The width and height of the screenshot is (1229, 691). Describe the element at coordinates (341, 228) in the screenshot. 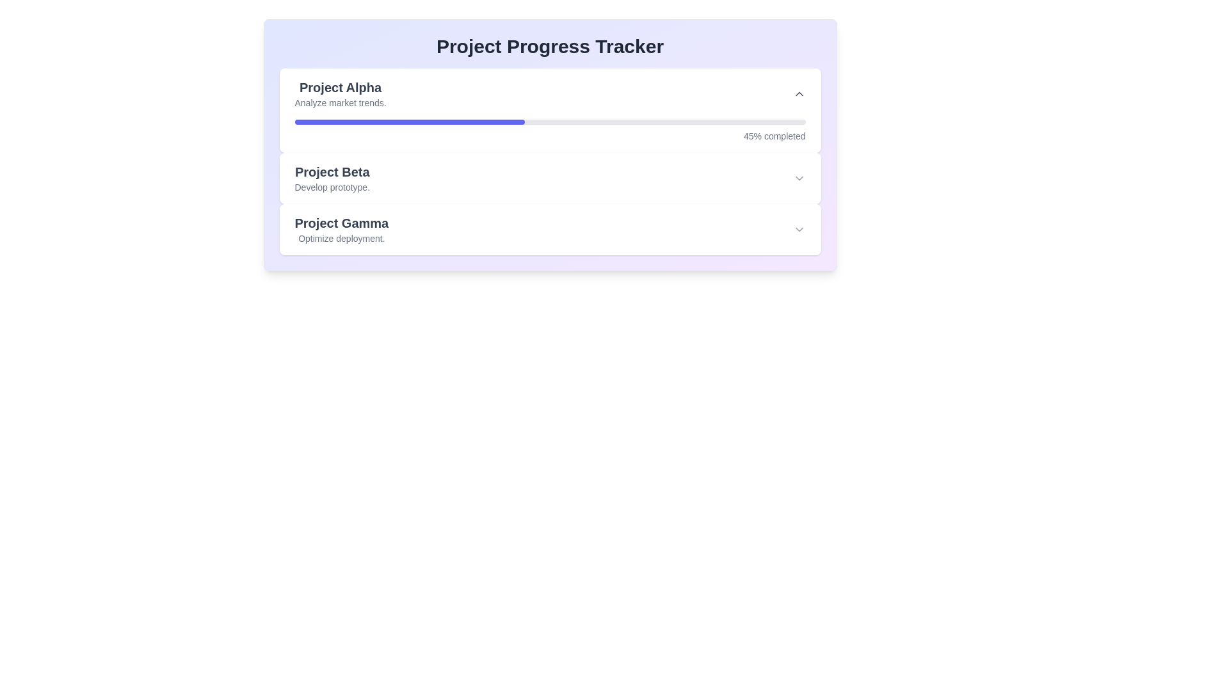

I see `the text block displaying 'Project Gamma' and 'Optimize deployment.' located in the lower section of 'Project Progress Tracker'` at that location.